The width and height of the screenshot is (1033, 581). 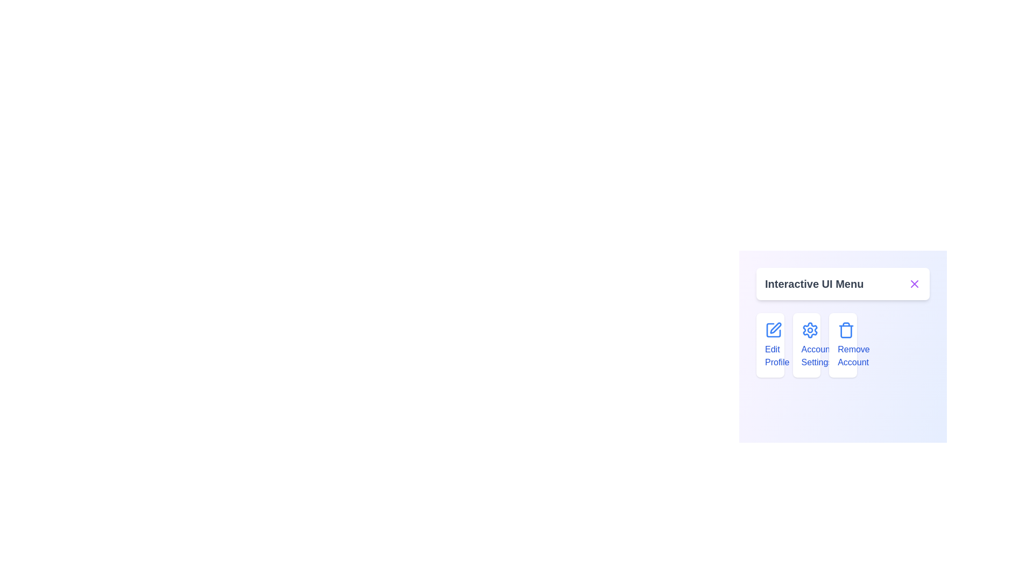 What do you see at coordinates (842, 345) in the screenshot?
I see `the 'Remove Account' menu item` at bounding box center [842, 345].